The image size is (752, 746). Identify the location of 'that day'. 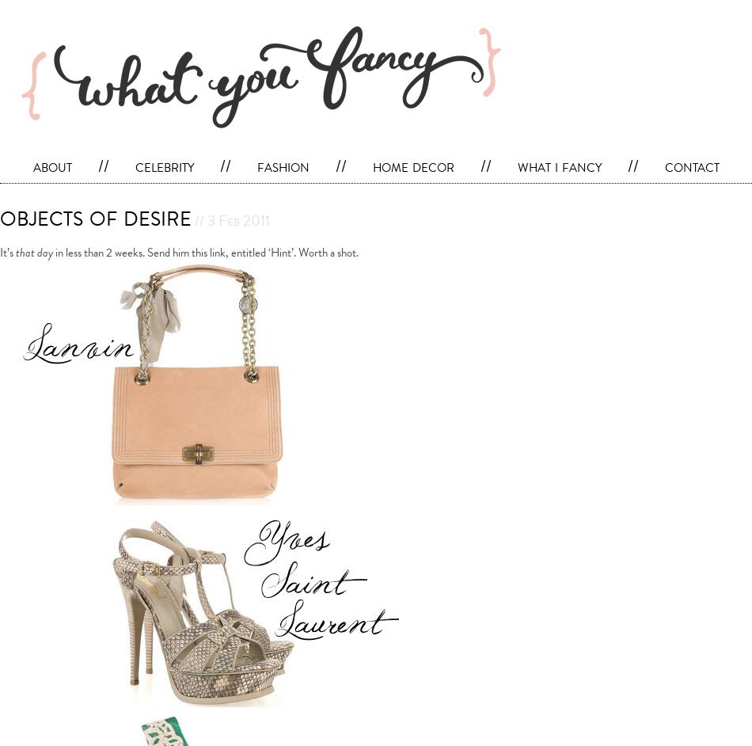
(34, 252).